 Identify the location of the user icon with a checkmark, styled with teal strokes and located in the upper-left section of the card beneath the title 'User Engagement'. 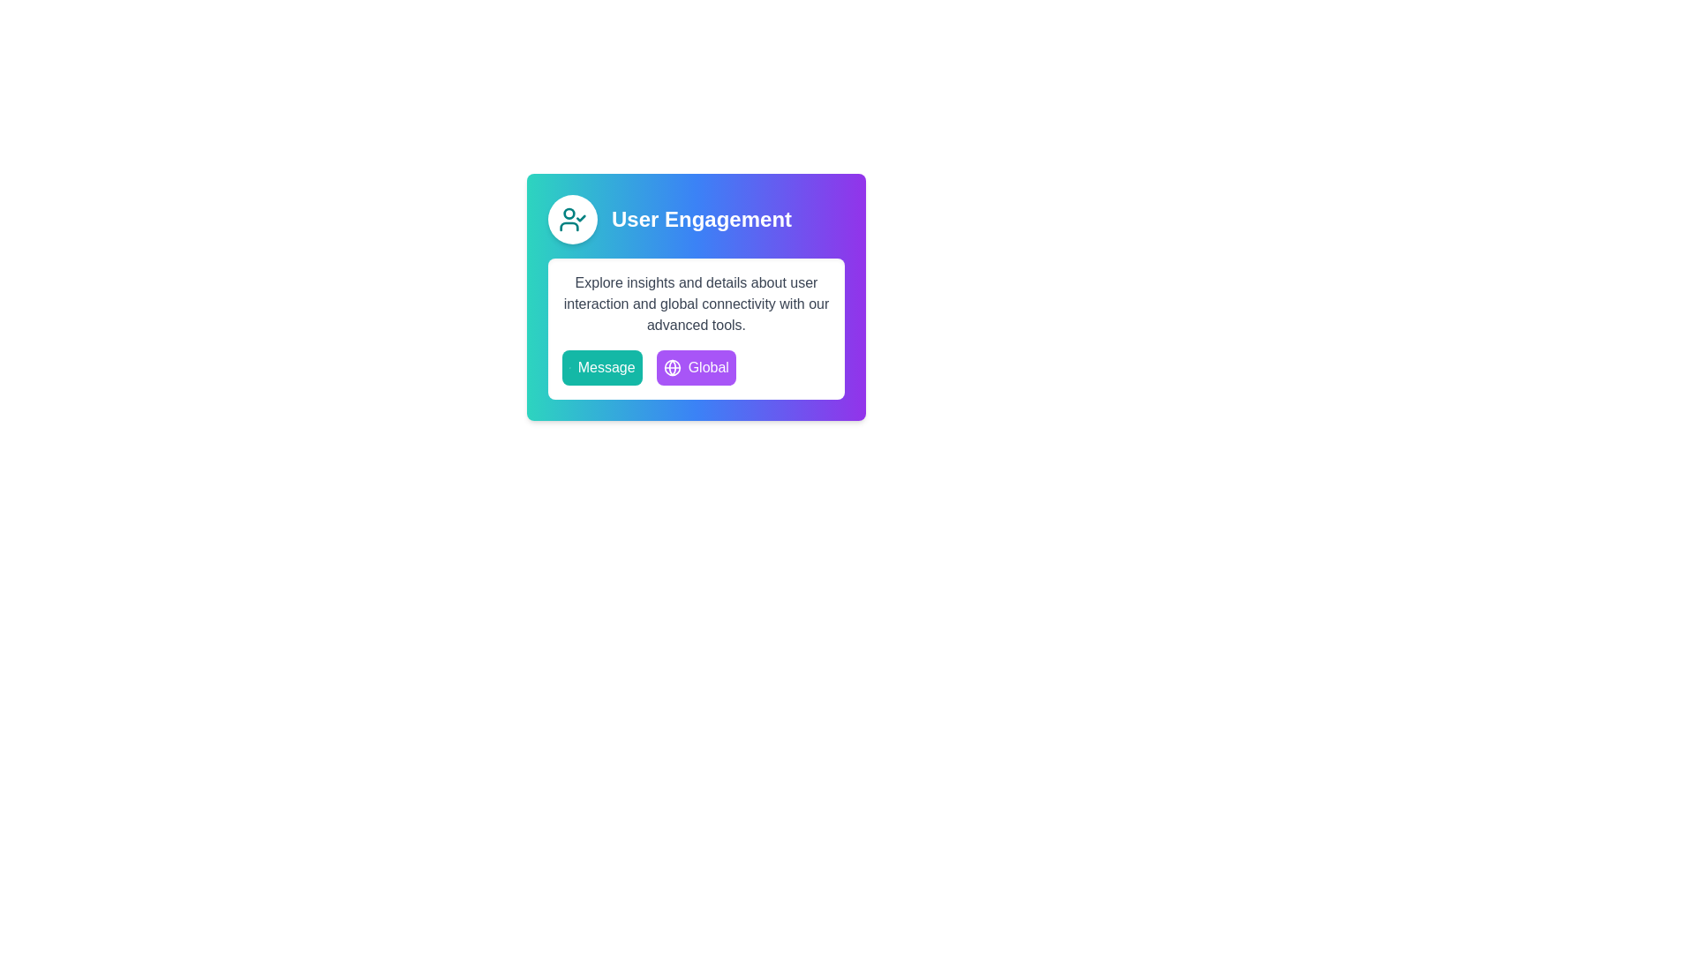
(572, 219).